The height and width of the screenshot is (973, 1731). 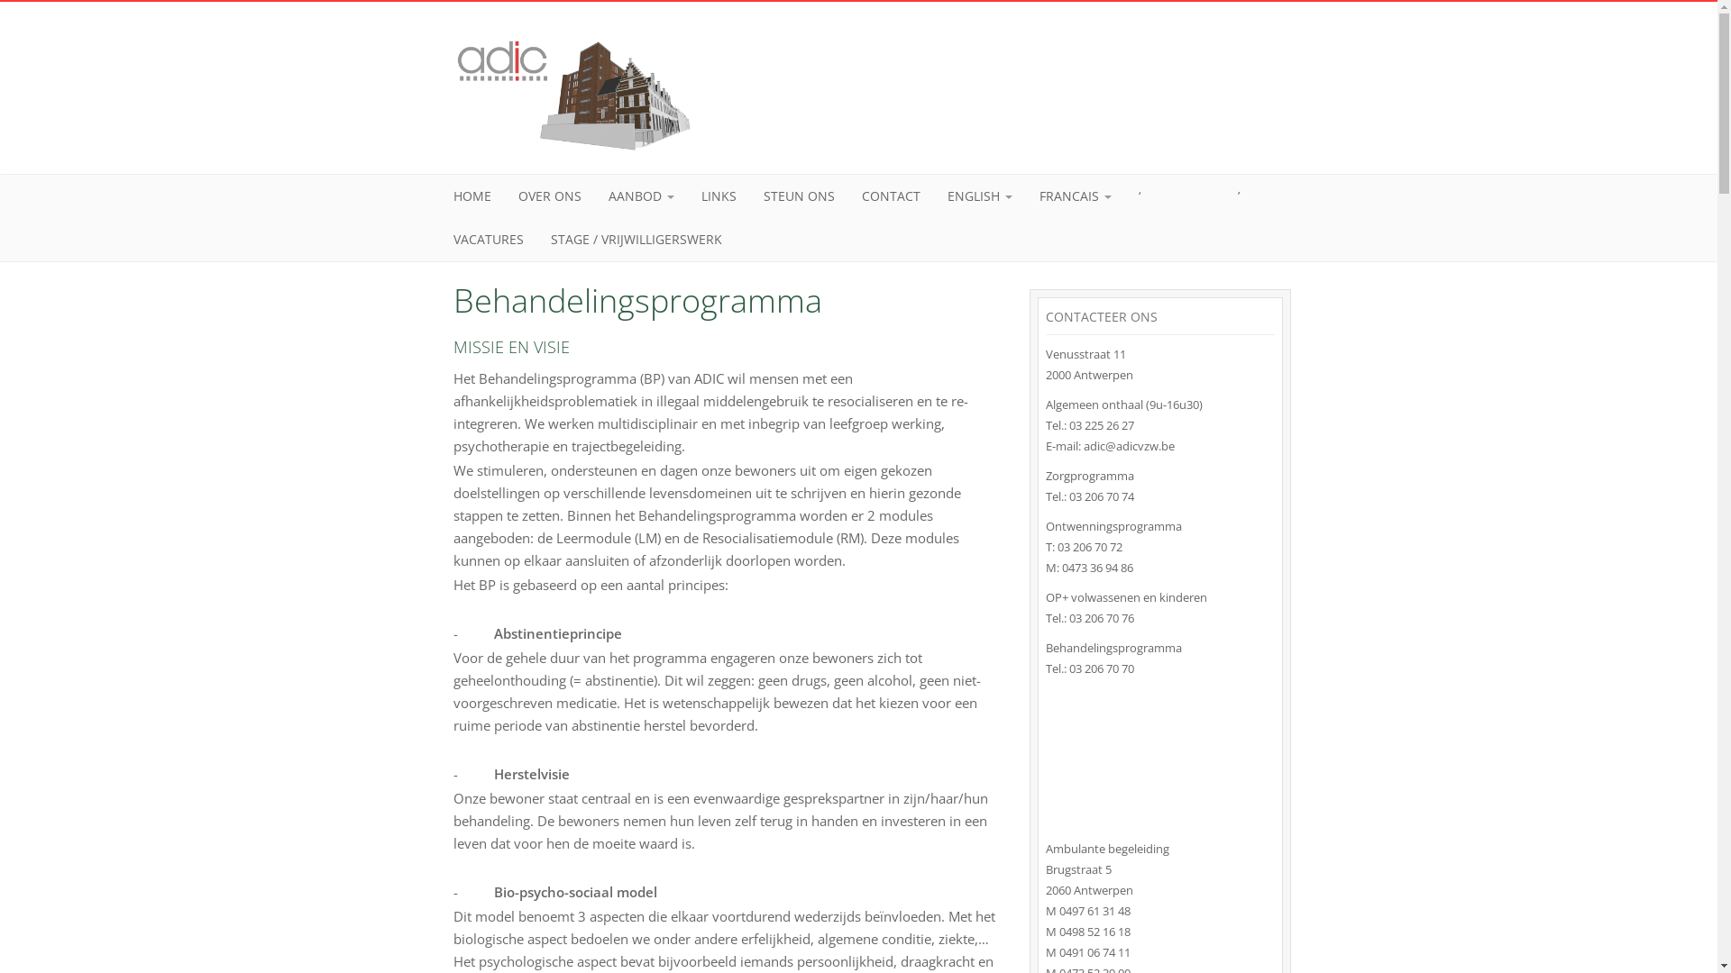 What do you see at coordinates (440, 196) in the screenshot?
I see `'HOME'` at bounding box center [440, 196].